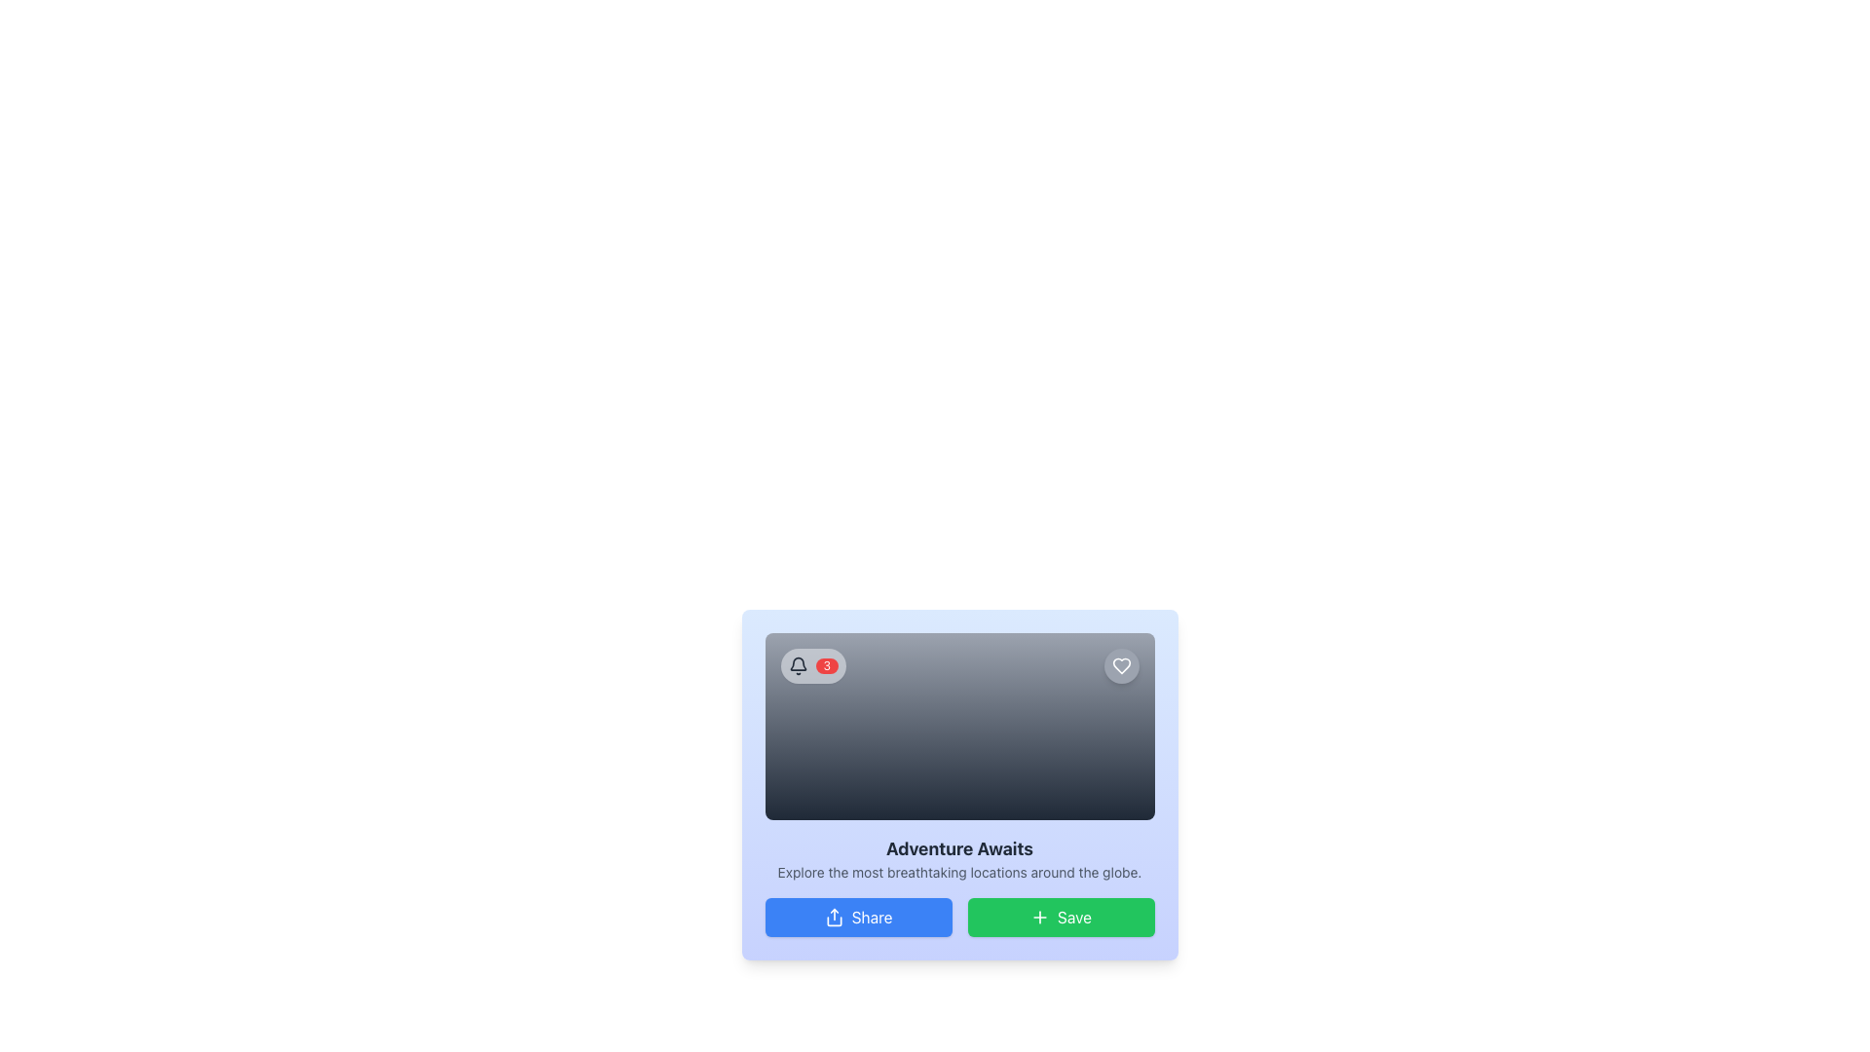  I want to click on the 'Save' button which is a green button with rounded corners displaying the text 'Save' in white color, located at the bottom right of the interactive area, so click(1073, 917).